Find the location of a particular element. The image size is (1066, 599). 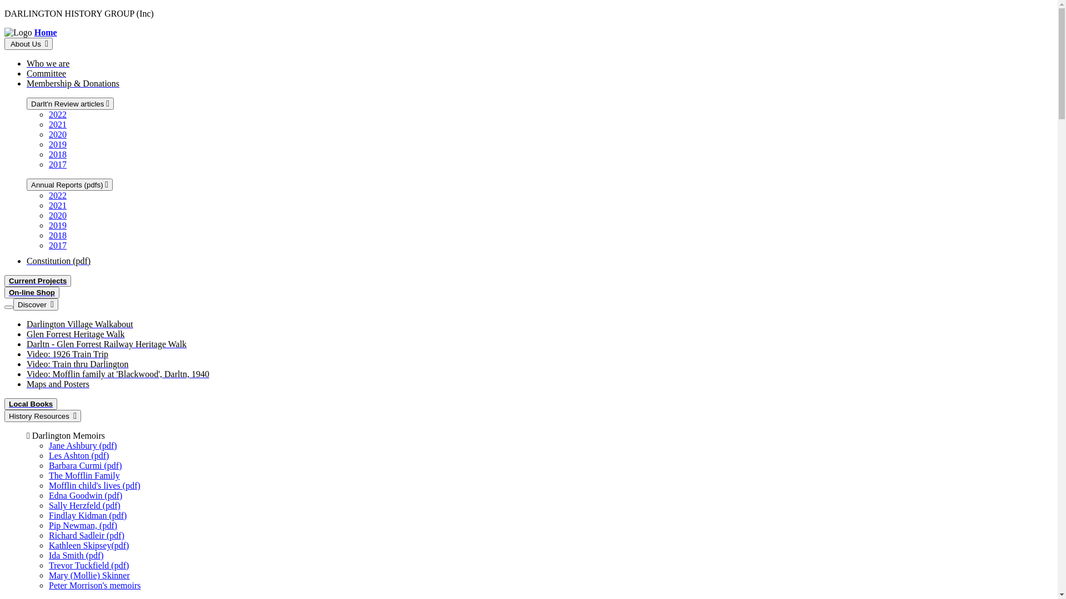

'2019' is located at coordinates (48, 225).